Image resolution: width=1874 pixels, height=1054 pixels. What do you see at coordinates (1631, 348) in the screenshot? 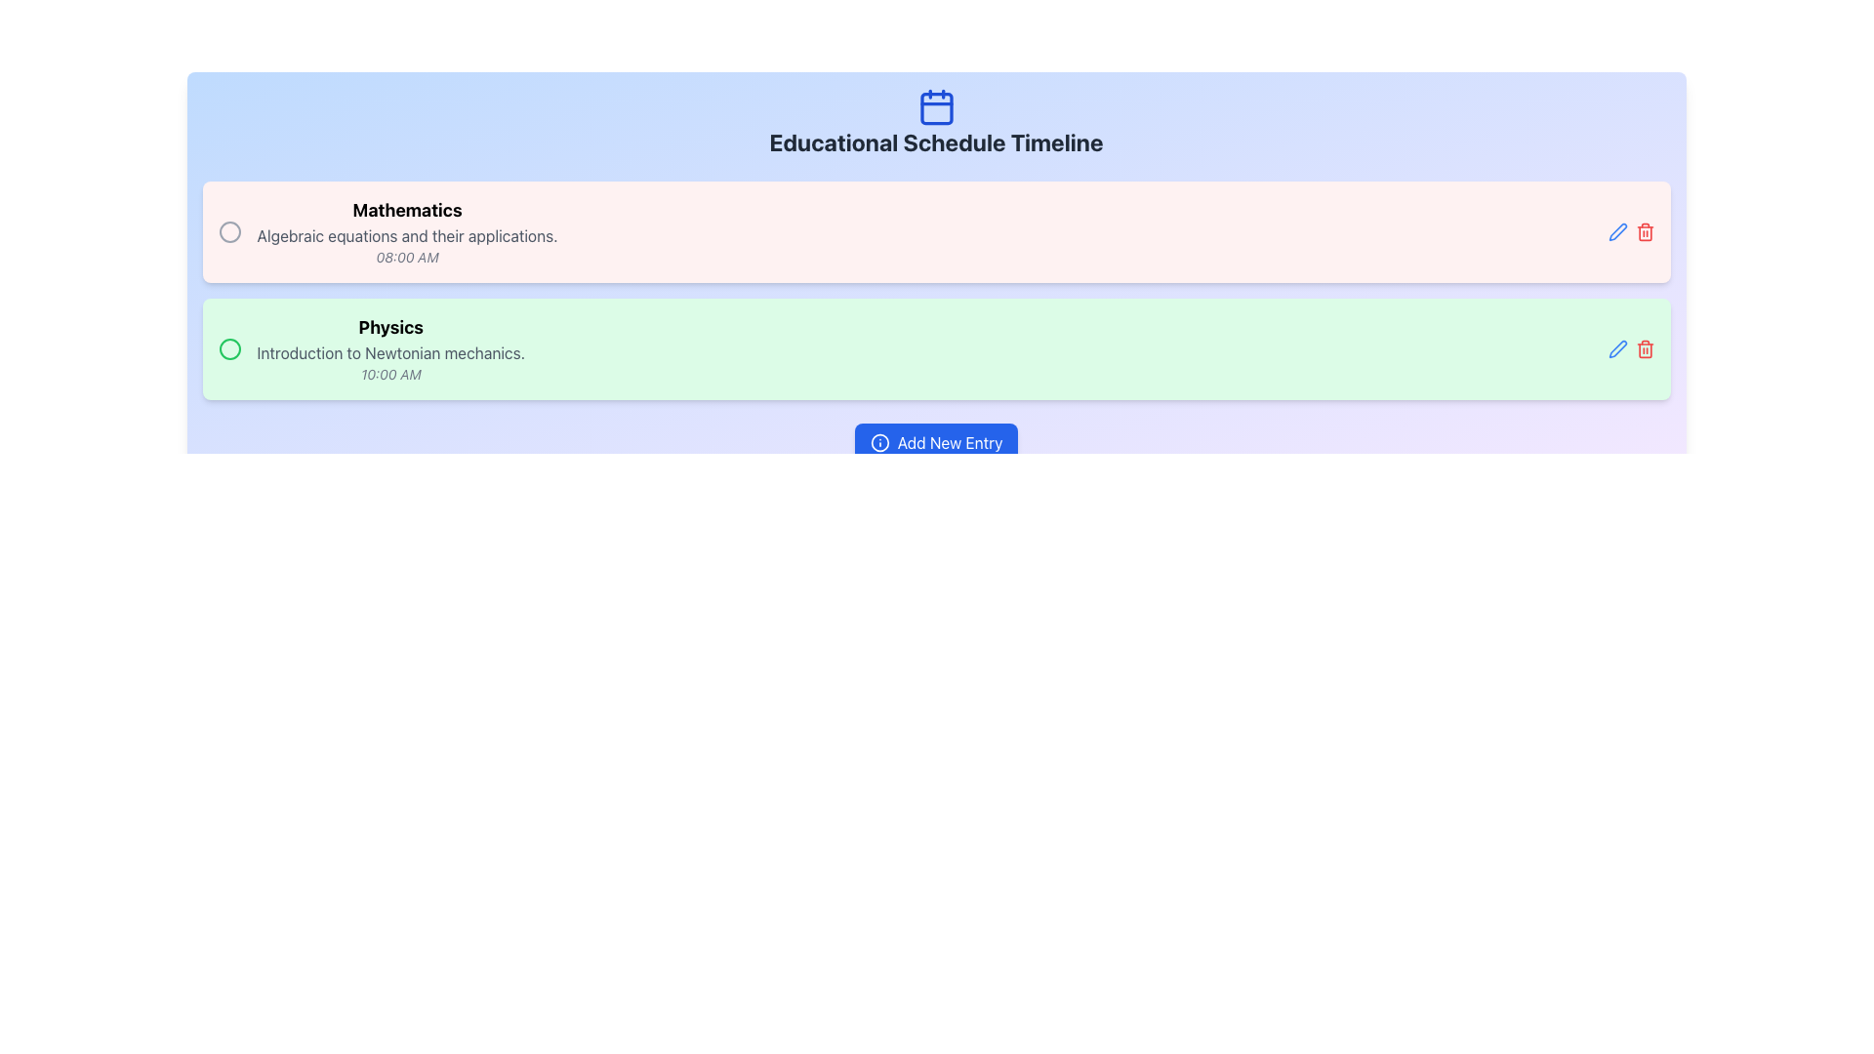
I see `the pencil icon located at the bottom right corner of the green box titled 'Physics'` at bounding box center [1631, 348].